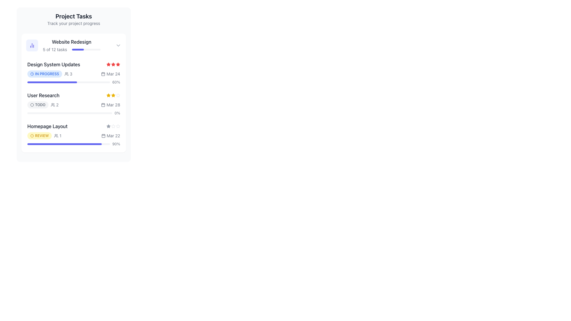 Image resolution: width=571 pixels, height=321 pixels. Describe the element at coordinates (32, 136) in the screenshot. I see `the status icon located to the left of the 'REVIEW' label under the task 'Homepage Layout' in the segmented task list widget` at that location.